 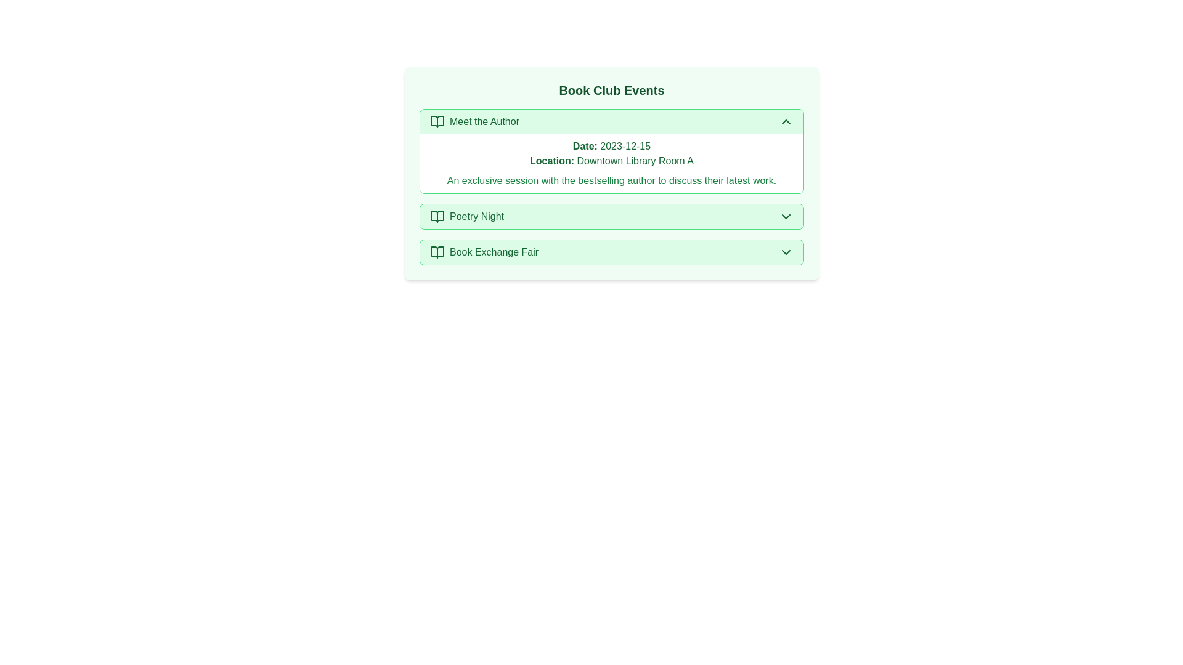 What do you see at coordinates (612, 146) in the screenshot?
I see `text label displaying 'Date: 2023-12-15' that is styled in green and bold, located at the top of the event details section in the 'Book Club Events' interface` at bounding box center [612, 146].